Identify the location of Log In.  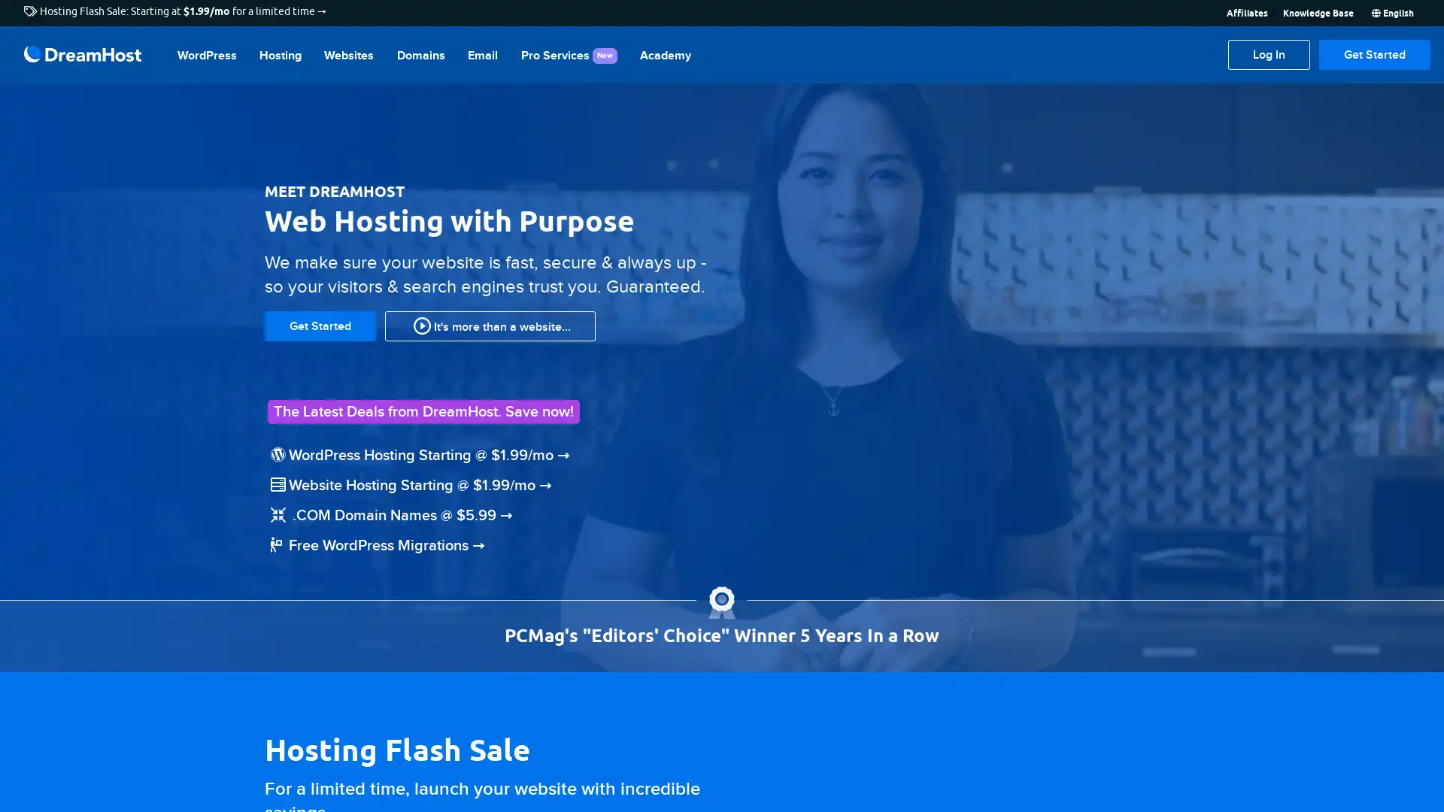
(1268, 54).